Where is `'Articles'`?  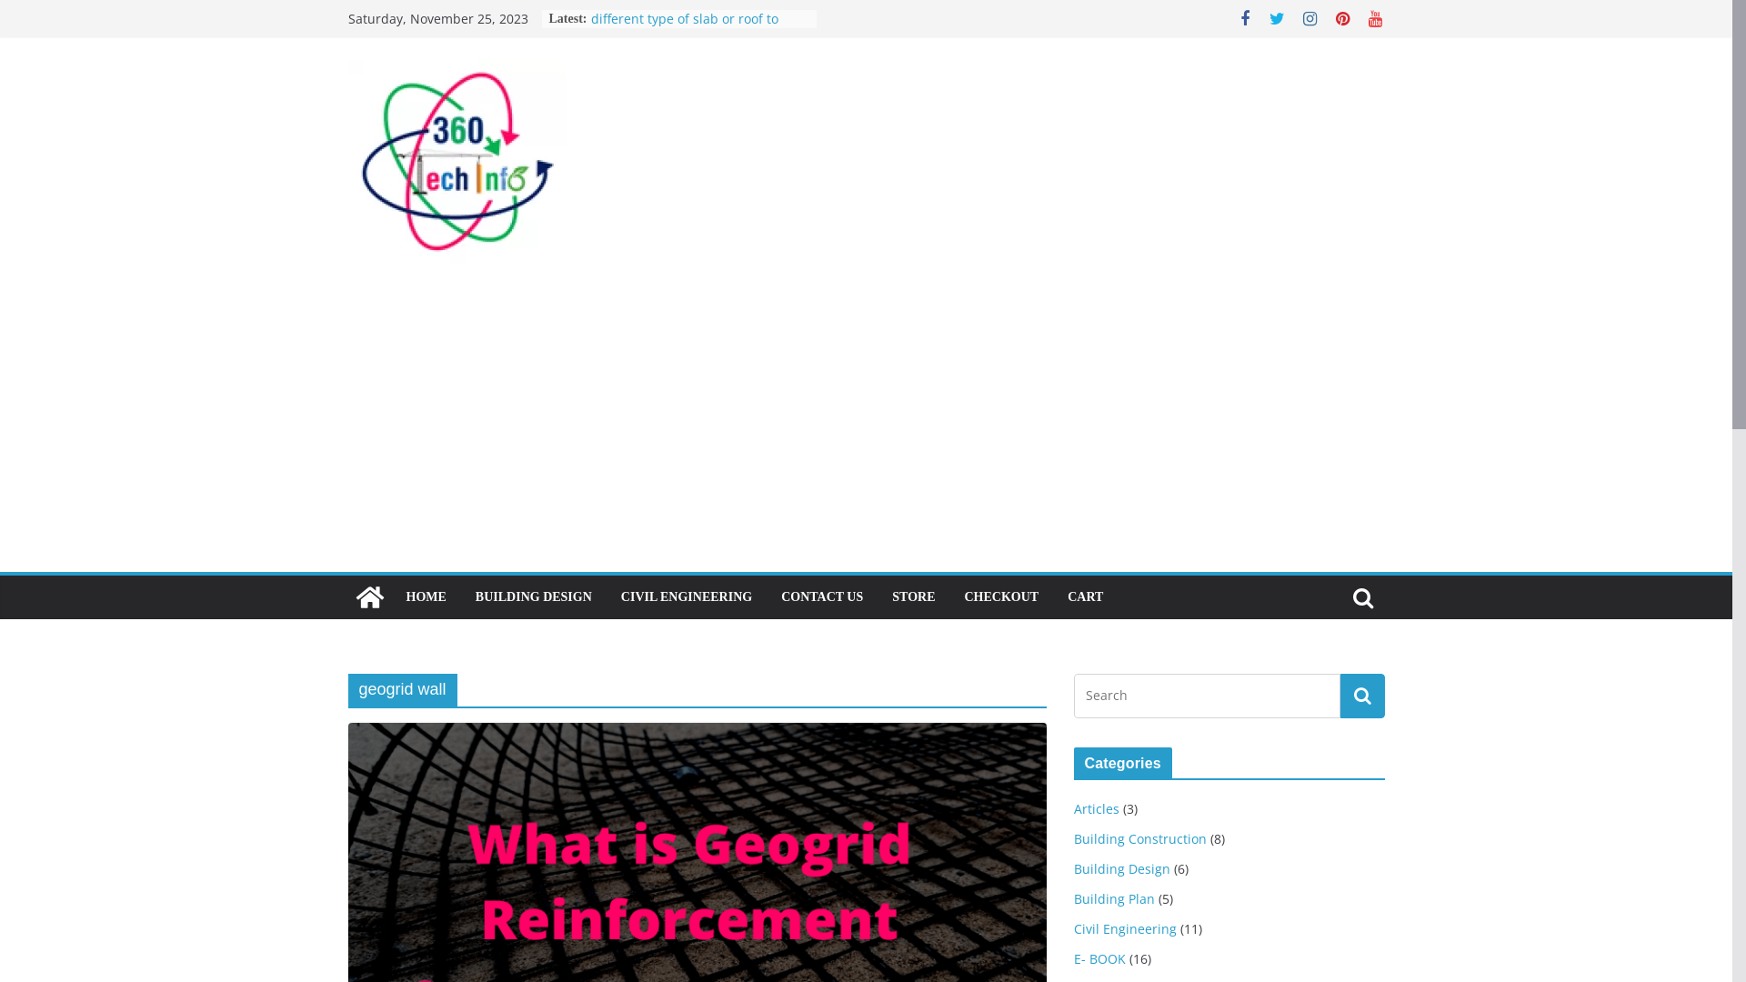 'Articles' is located at coordinates (1094, 807).